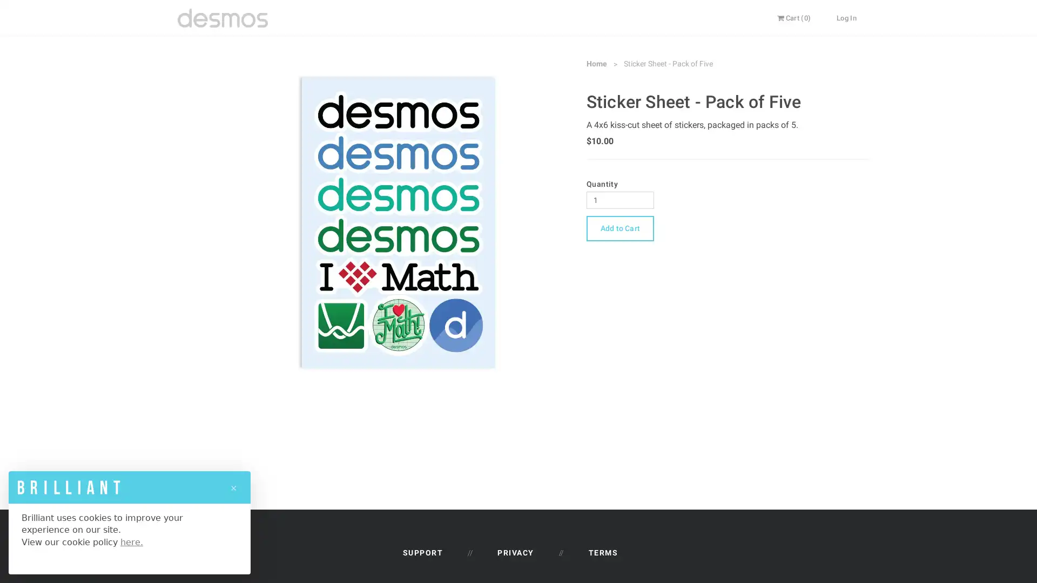  Describe the element at coordinates (619, 228) in the screenshot. I see `Add to Cart` at that location.